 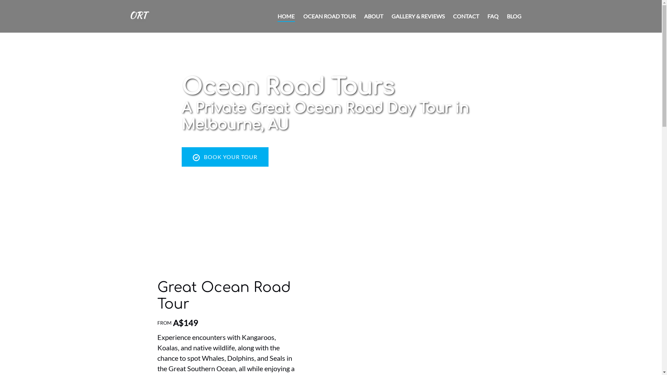 I want to click on 'GALLERY & REVIEWS', so click(x=417, y=16).